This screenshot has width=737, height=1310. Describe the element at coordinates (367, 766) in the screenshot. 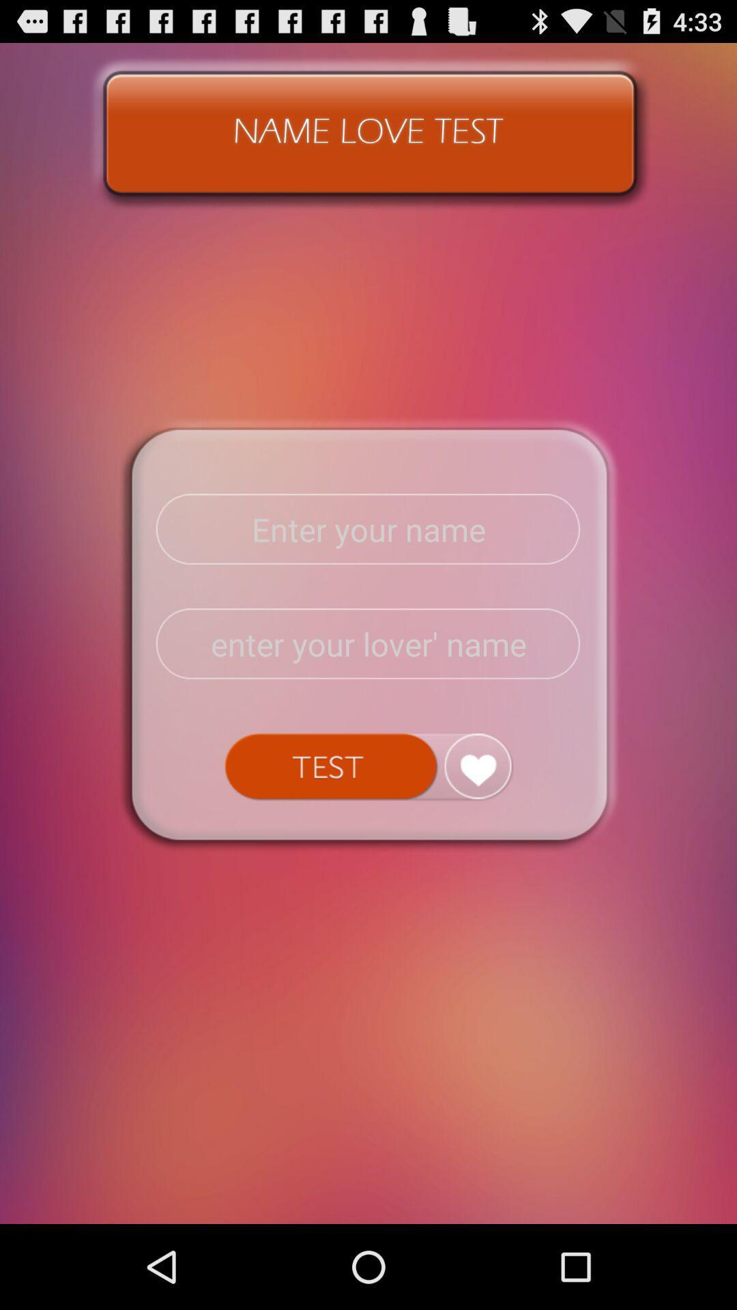

I see `test button` at that location.